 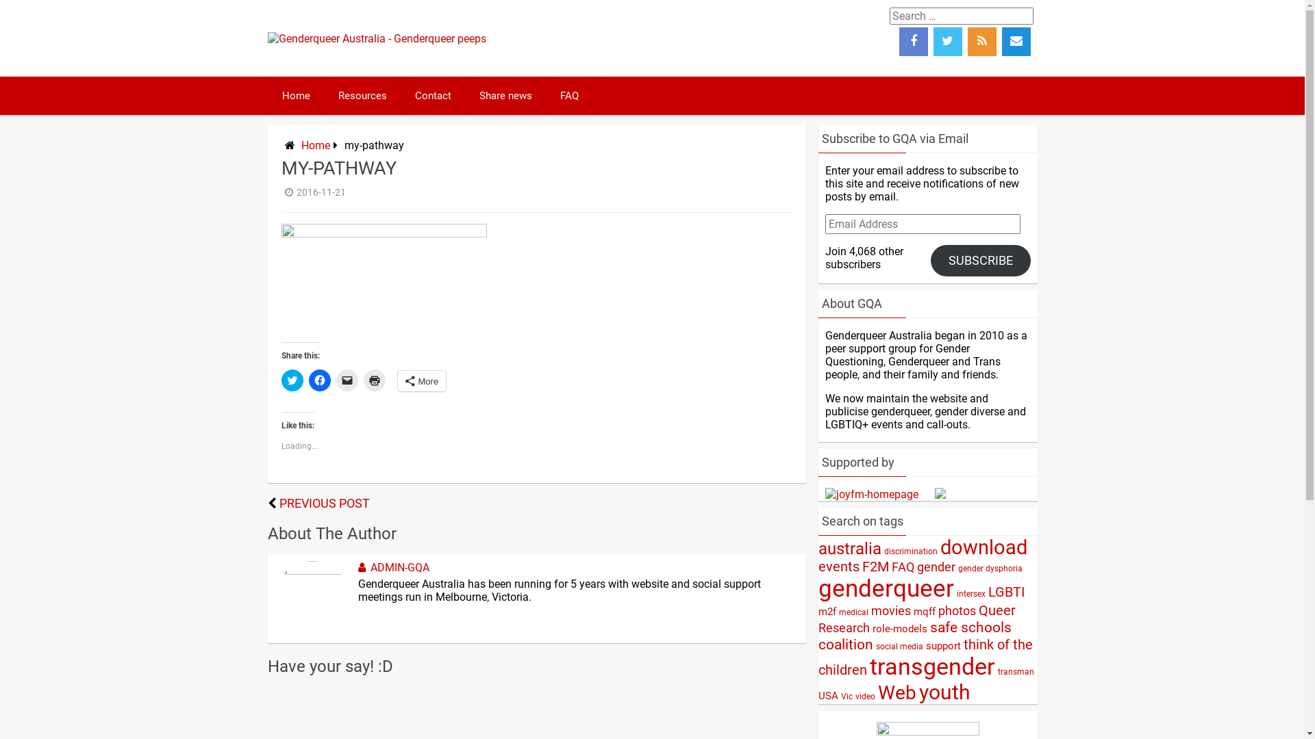 What do you see at coordinates (848, 548) in the screenshot?
I see `'australia'` at bounding box center [848, 548].